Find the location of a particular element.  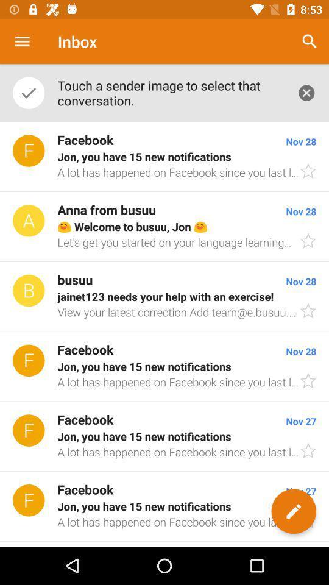

the icon at the bottom right corner is located at coordinates (293, 511).